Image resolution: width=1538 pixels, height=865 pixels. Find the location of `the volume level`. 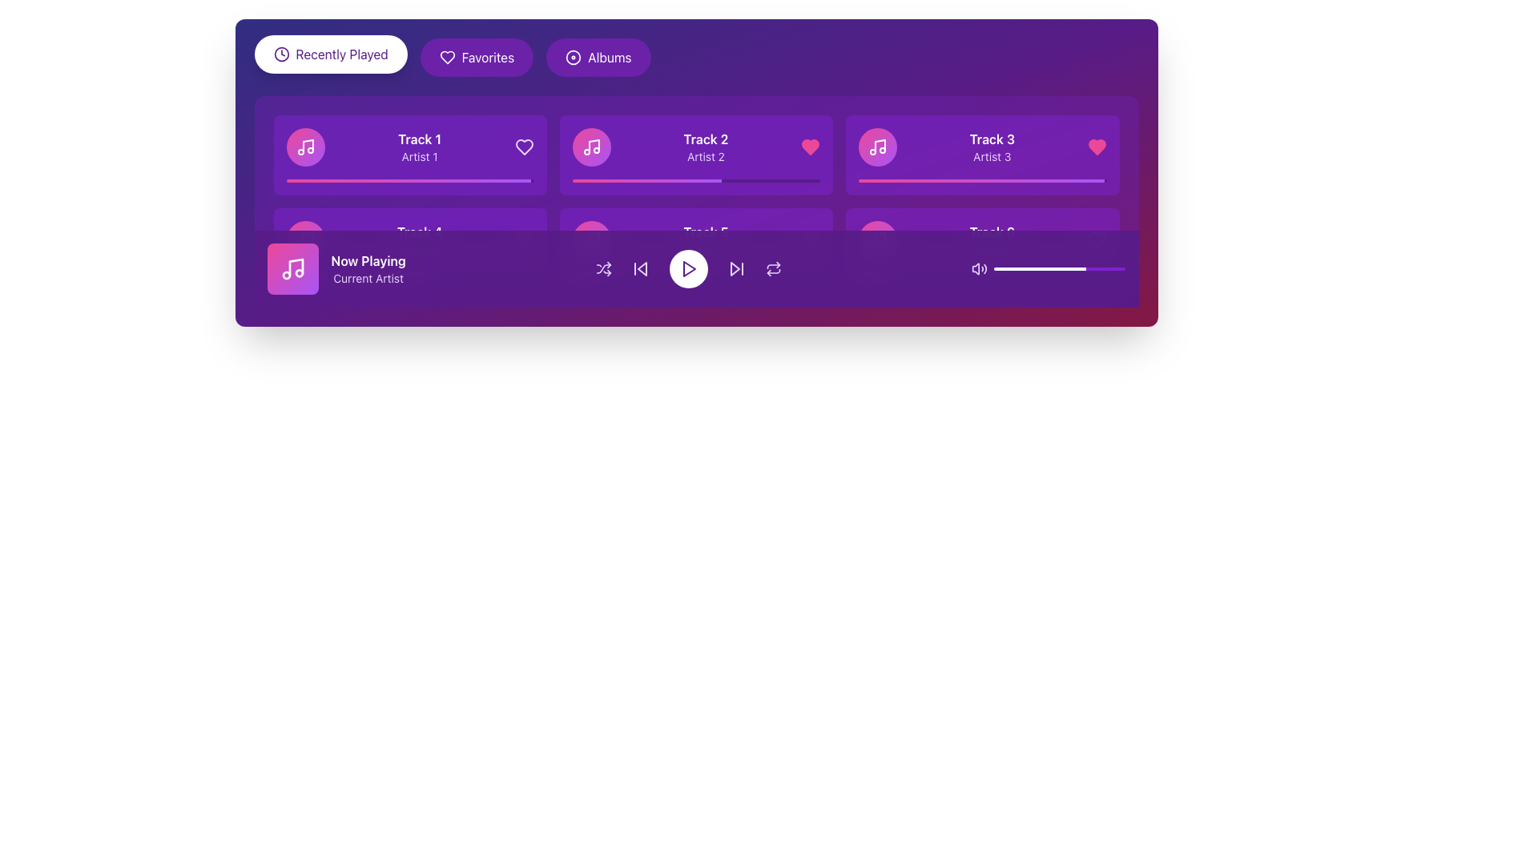

the volume level is located at coordinates (1073, 268).